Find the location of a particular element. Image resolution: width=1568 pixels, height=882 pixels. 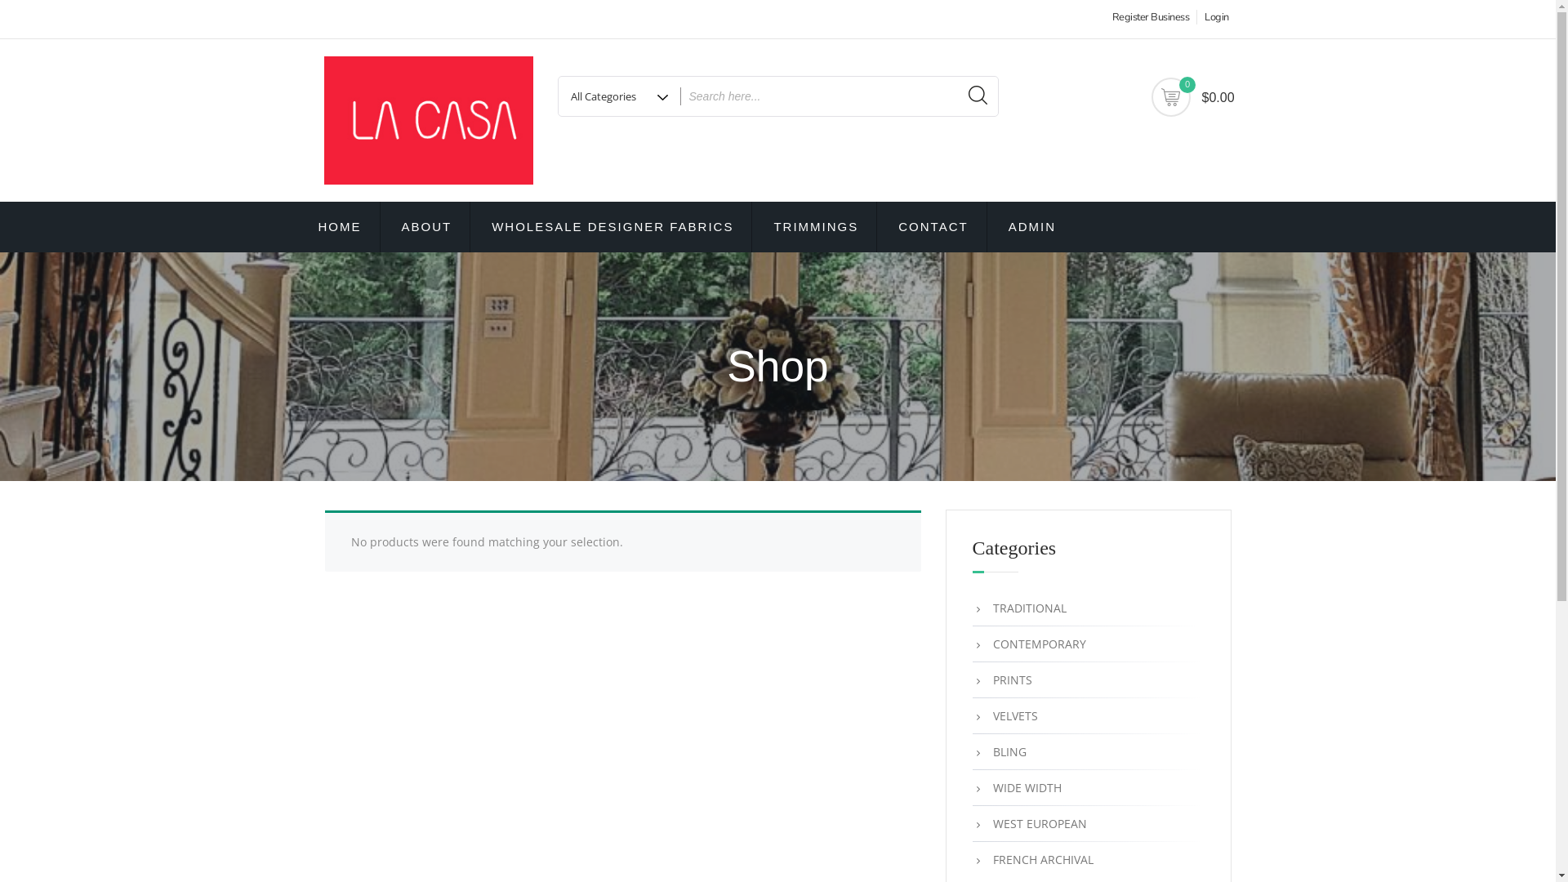

'ABOUT' is located at coordinates (427, 226).